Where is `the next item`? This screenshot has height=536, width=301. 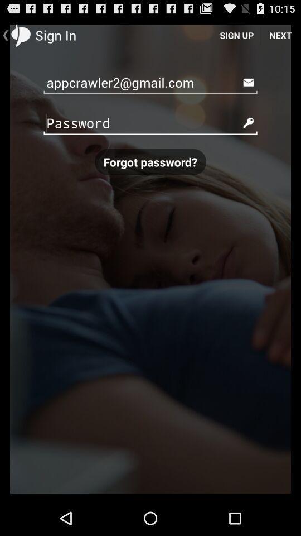
the next item is located at coordinates (280, 35).